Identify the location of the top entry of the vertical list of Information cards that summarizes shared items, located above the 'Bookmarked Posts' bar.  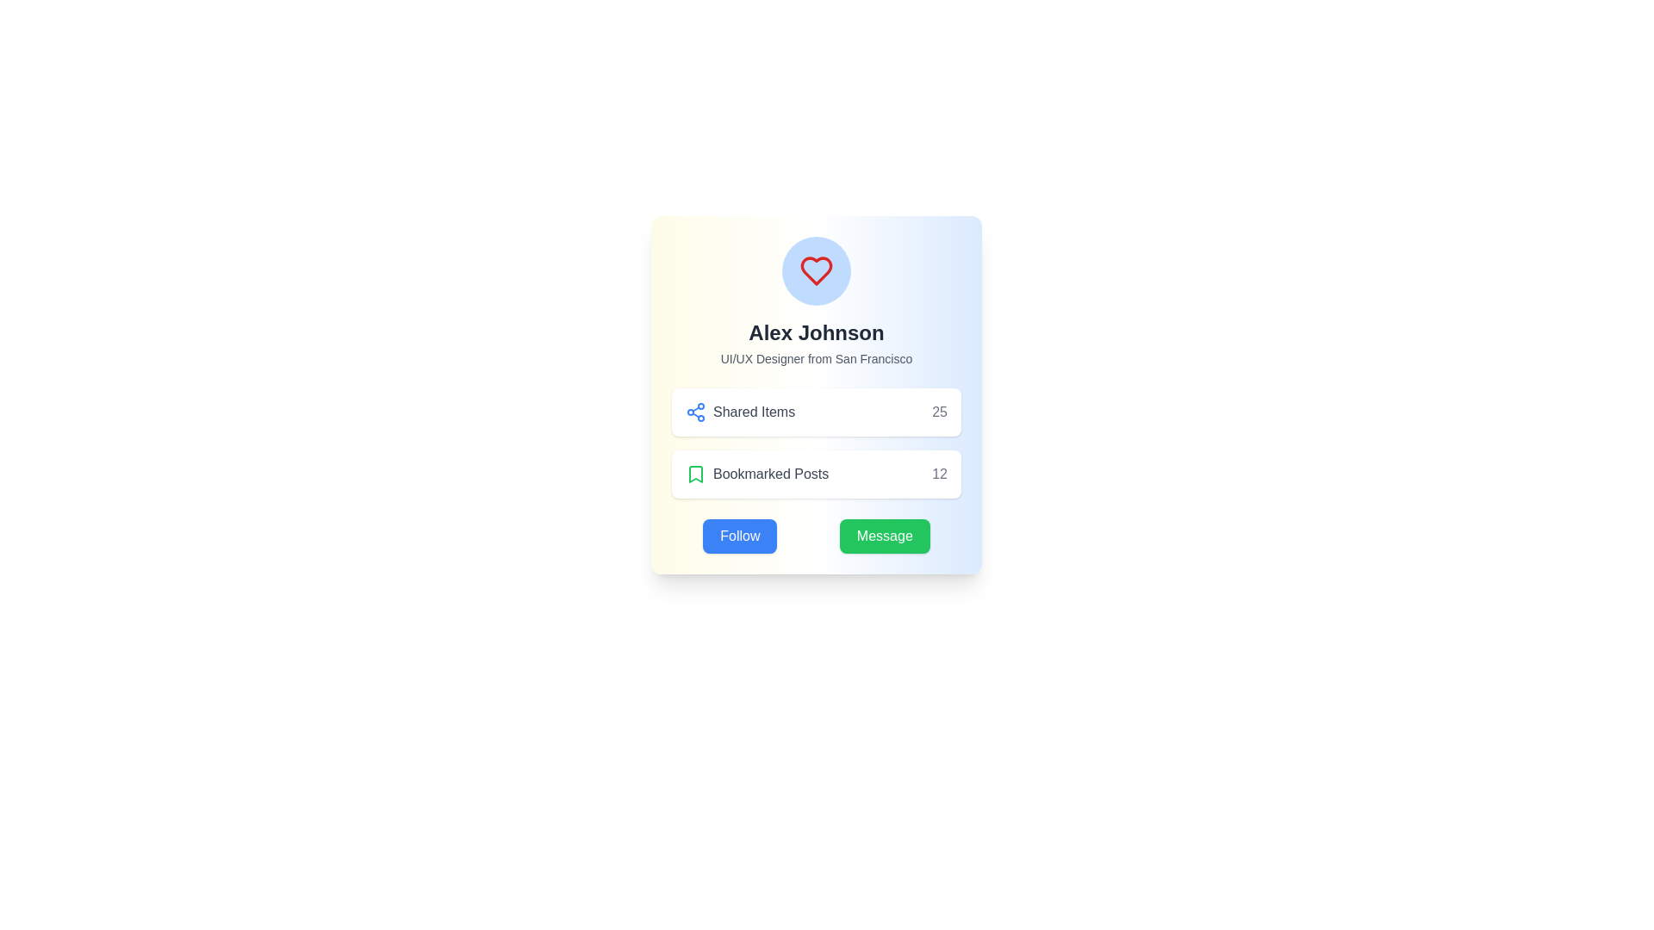
(816, 412).